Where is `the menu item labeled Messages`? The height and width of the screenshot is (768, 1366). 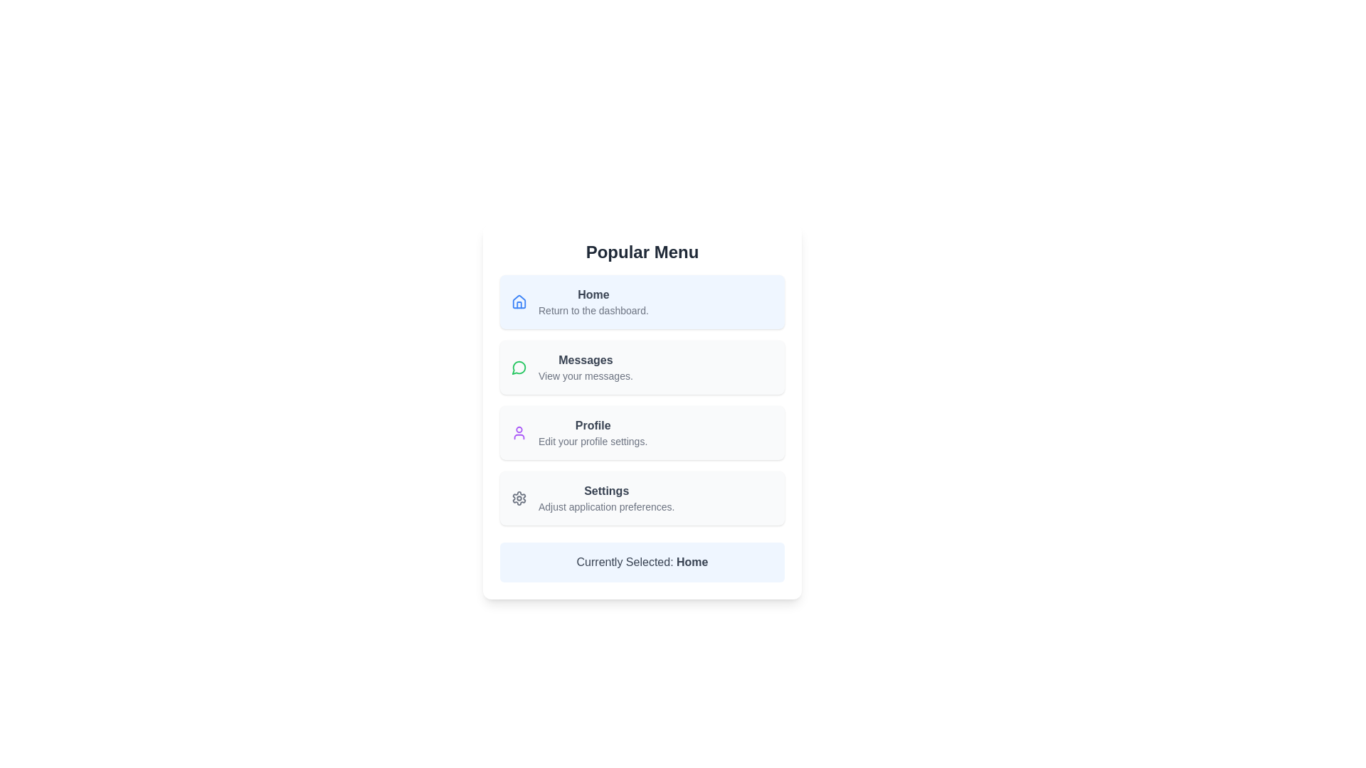
the menu item labeled Messages is located at coordinates (641, 366).